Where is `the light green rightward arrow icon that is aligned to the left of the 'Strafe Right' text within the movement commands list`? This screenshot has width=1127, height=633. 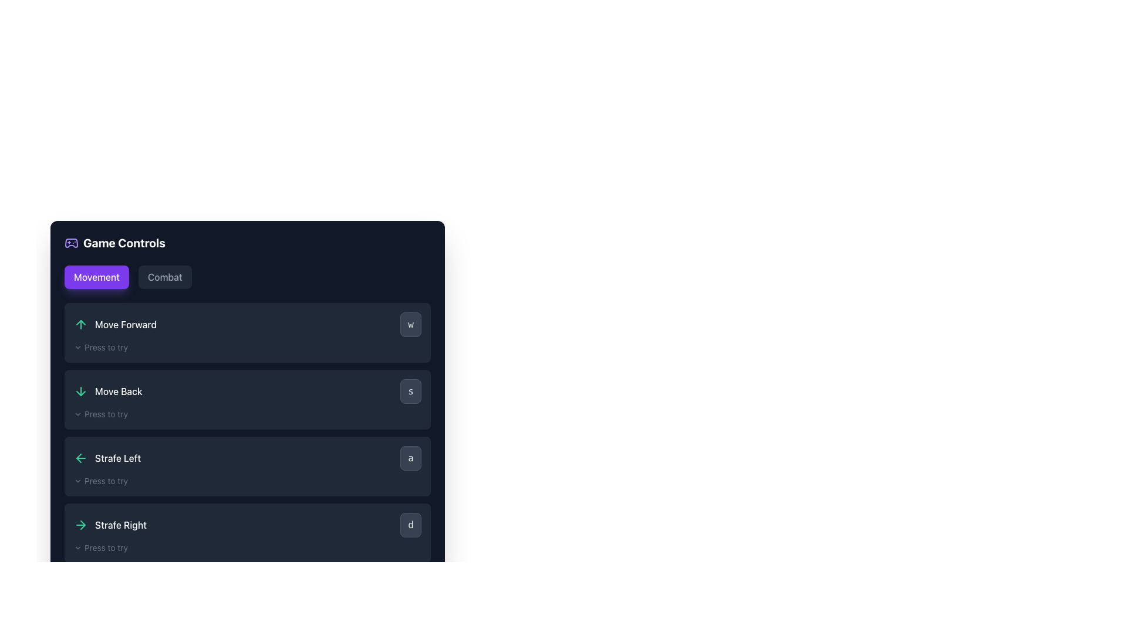 the light green rightward arrow icon that is aligned to the left of the 'Strafe Right' text within the movement commands list is located at coordinates (80, 524).